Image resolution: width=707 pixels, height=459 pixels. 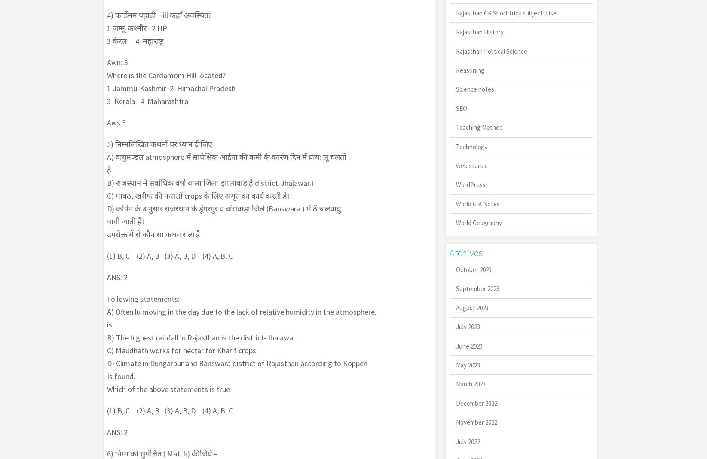 I want to click on 'Aws 3', so click(x=107, y=122).